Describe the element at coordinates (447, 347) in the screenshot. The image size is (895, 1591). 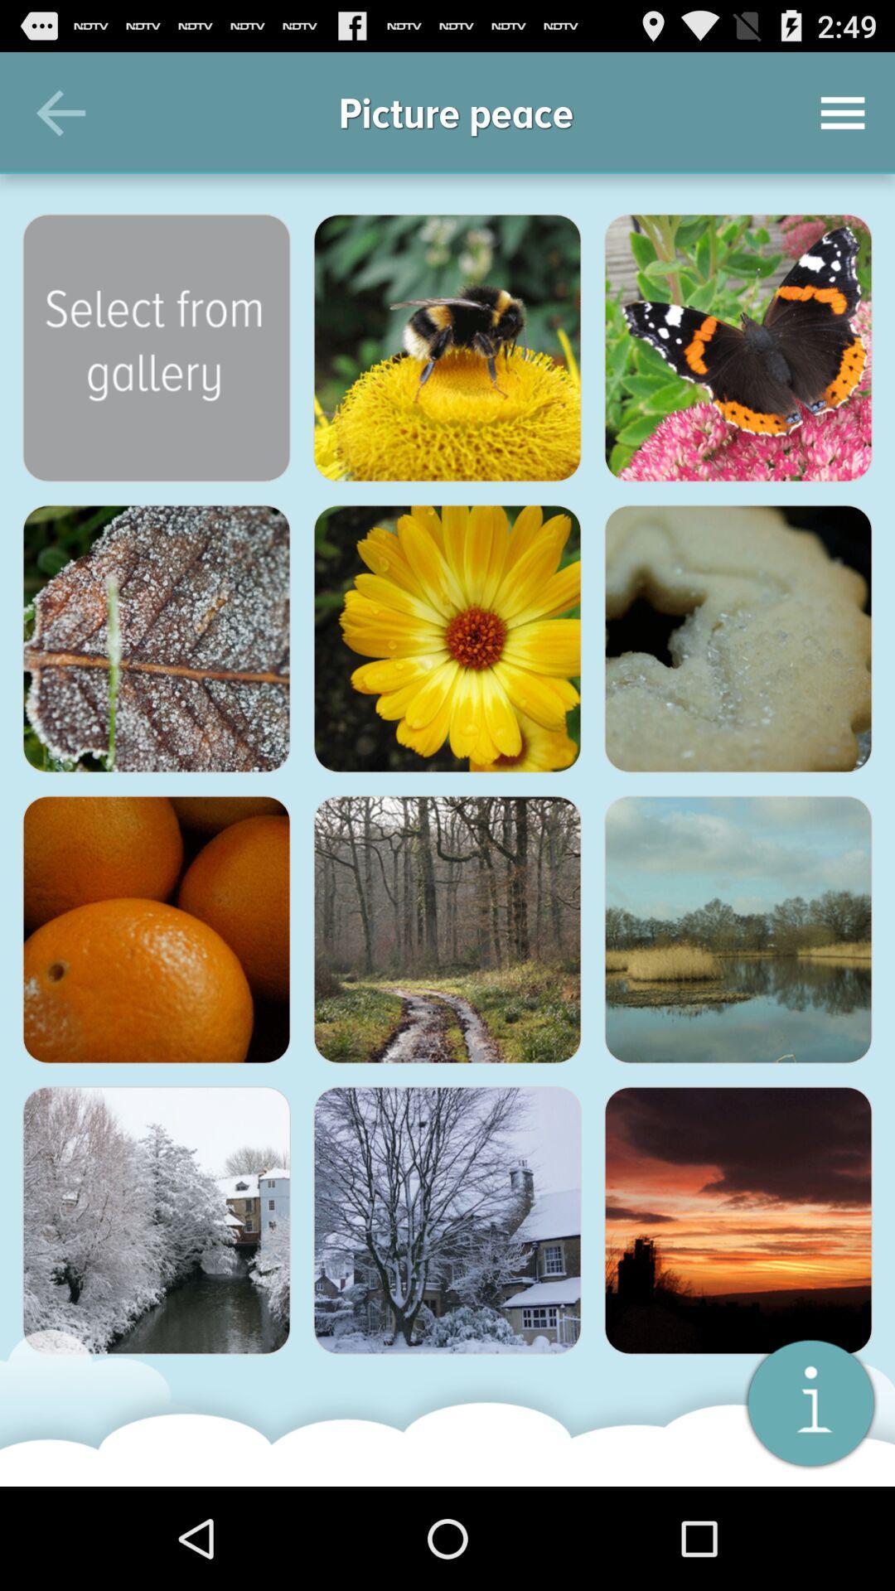
I see `emojios option` at that location.